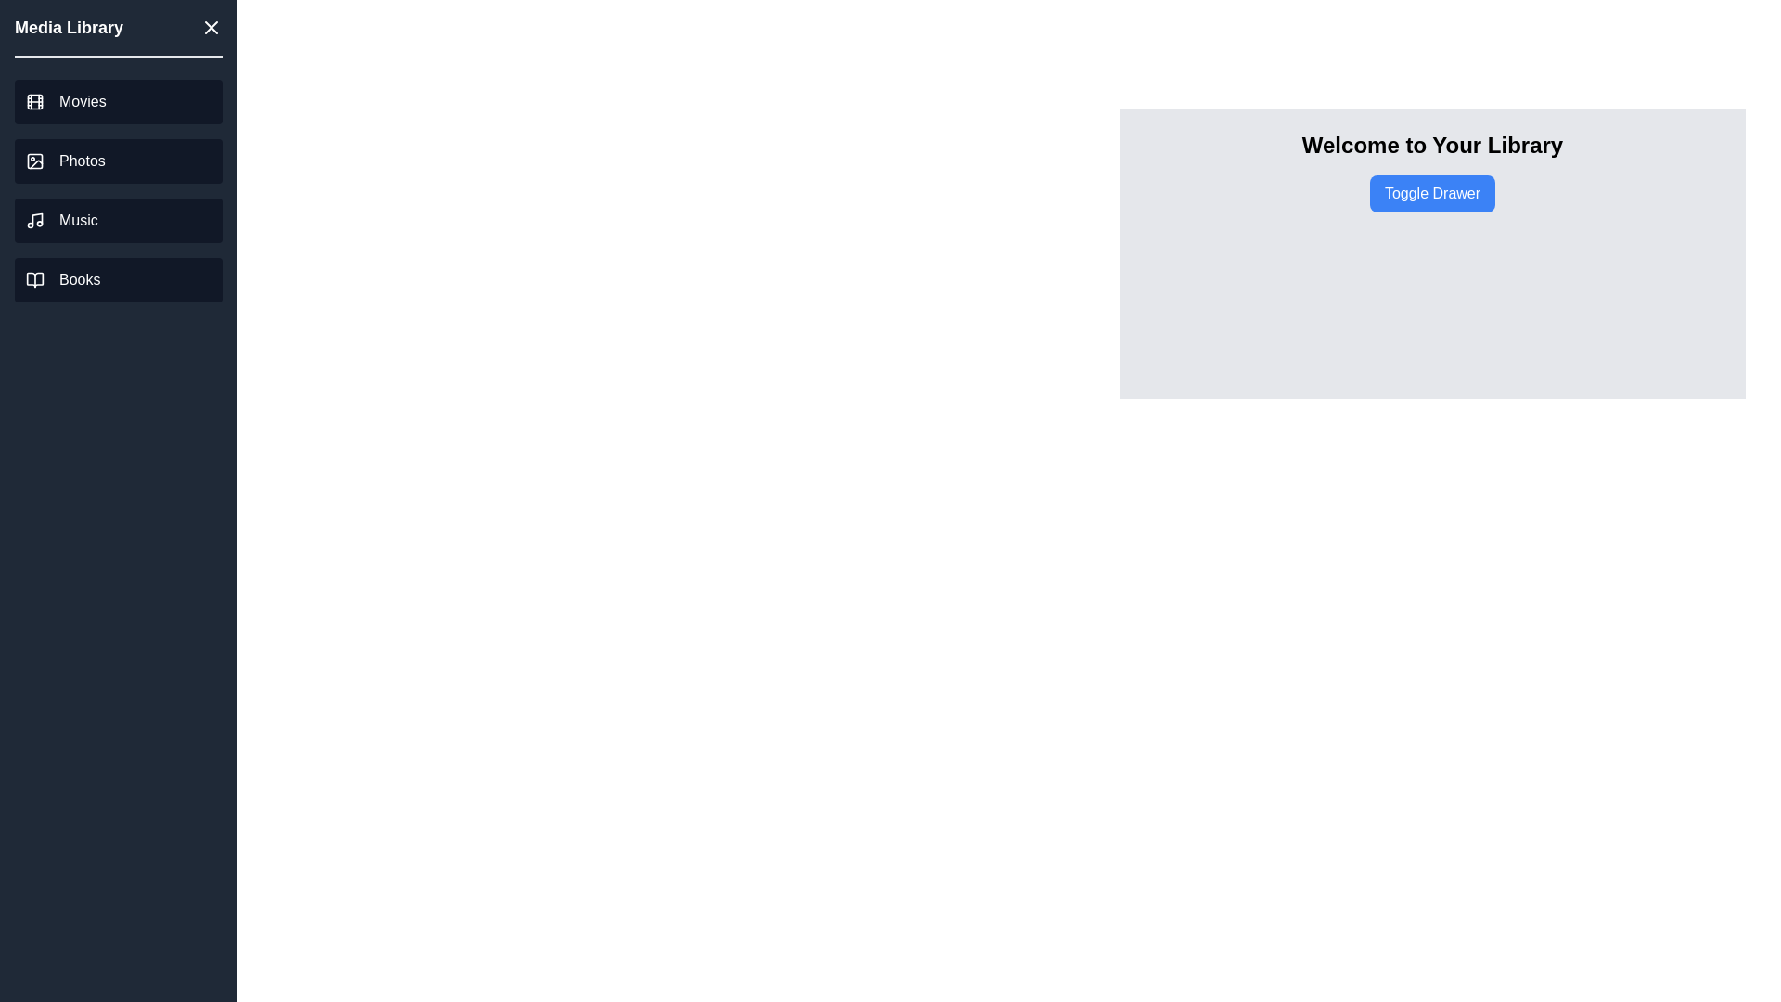 Image resolution: width=1781 pixels, height=1002 pixels. What do you see at coordinates (118, 102) in the screenshot?
I see `the 'Movies' link in the drawer` at bounding box center [118, 102].